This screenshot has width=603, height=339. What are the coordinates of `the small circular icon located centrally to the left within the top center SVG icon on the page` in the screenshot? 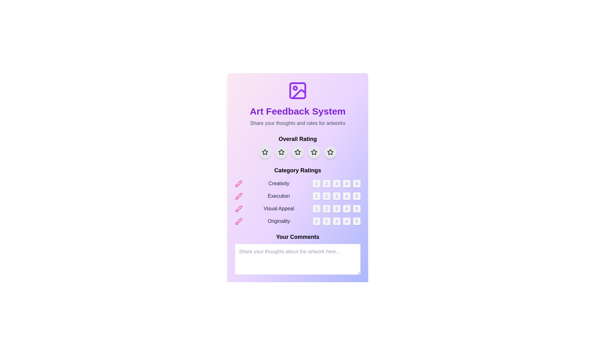 It's located at (295, 88).